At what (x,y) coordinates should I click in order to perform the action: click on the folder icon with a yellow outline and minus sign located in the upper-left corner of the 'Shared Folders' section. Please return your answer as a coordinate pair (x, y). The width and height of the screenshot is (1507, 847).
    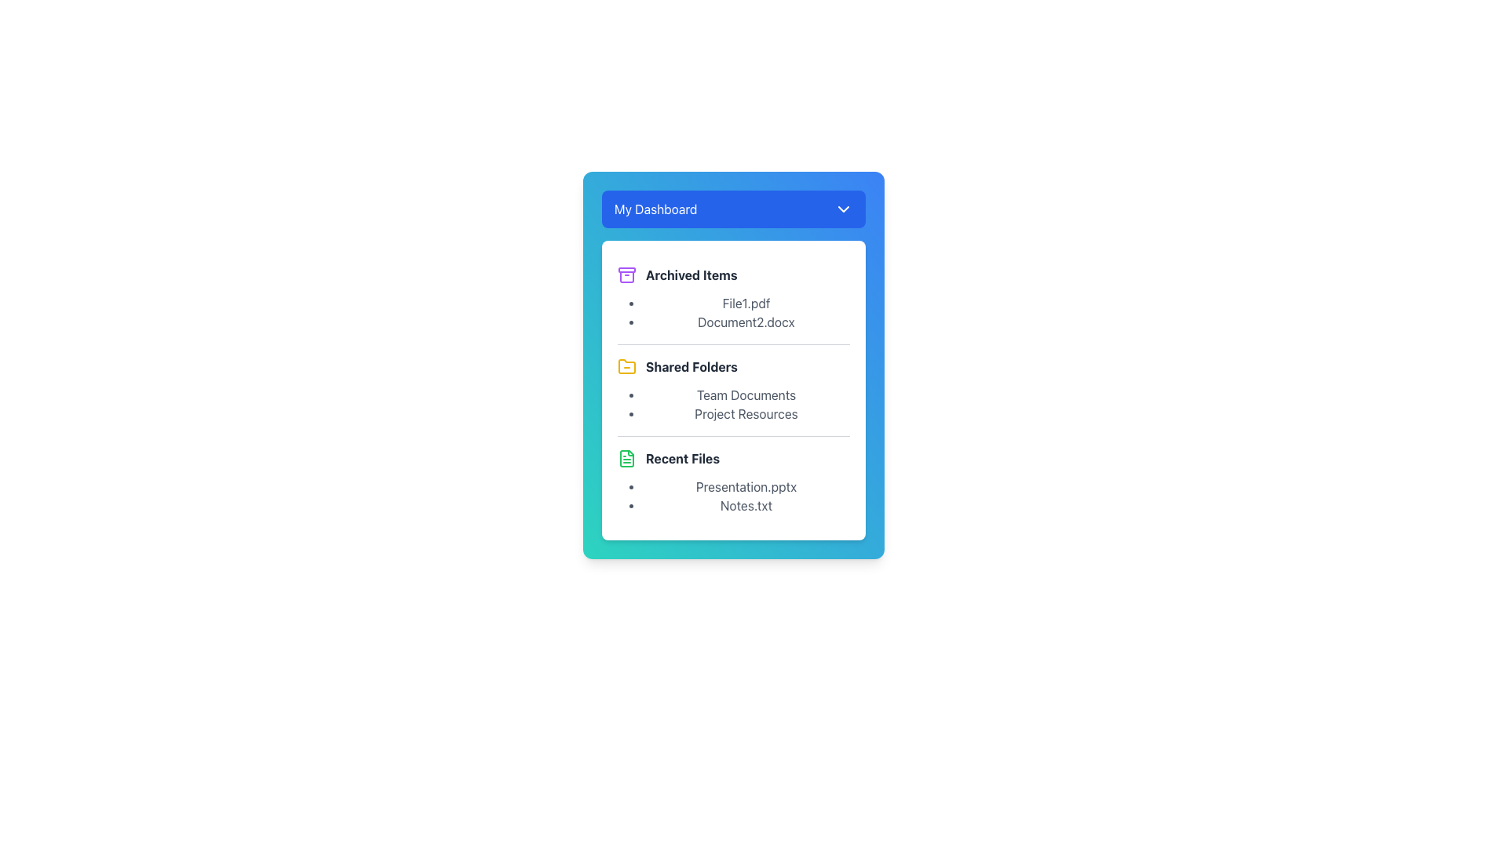
    Looking at the image, I should click on (626, 366).